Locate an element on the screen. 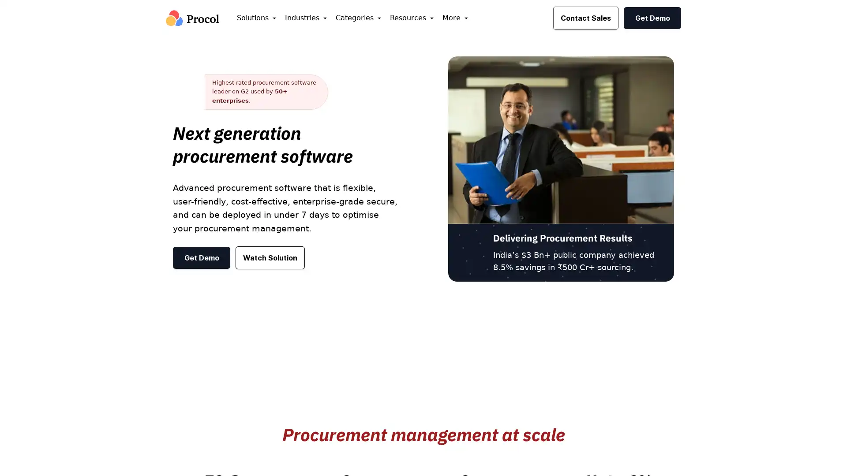  Watch Solution is located at coordinates (270, 257).